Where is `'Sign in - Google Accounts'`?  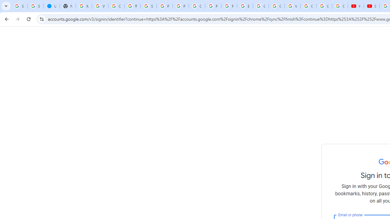
'Sign in - Google Accounts' is located at coordinates (35, 6).